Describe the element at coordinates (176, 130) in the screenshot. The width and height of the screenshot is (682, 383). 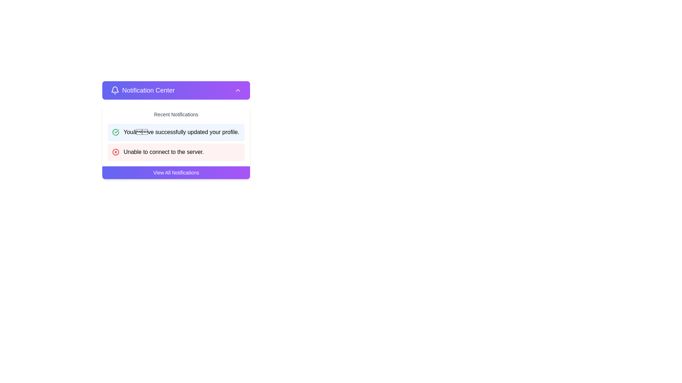
I see `notification message displayed in the notification box with a light blue background and a green checkmark, indicating a successful profile update` at that location.